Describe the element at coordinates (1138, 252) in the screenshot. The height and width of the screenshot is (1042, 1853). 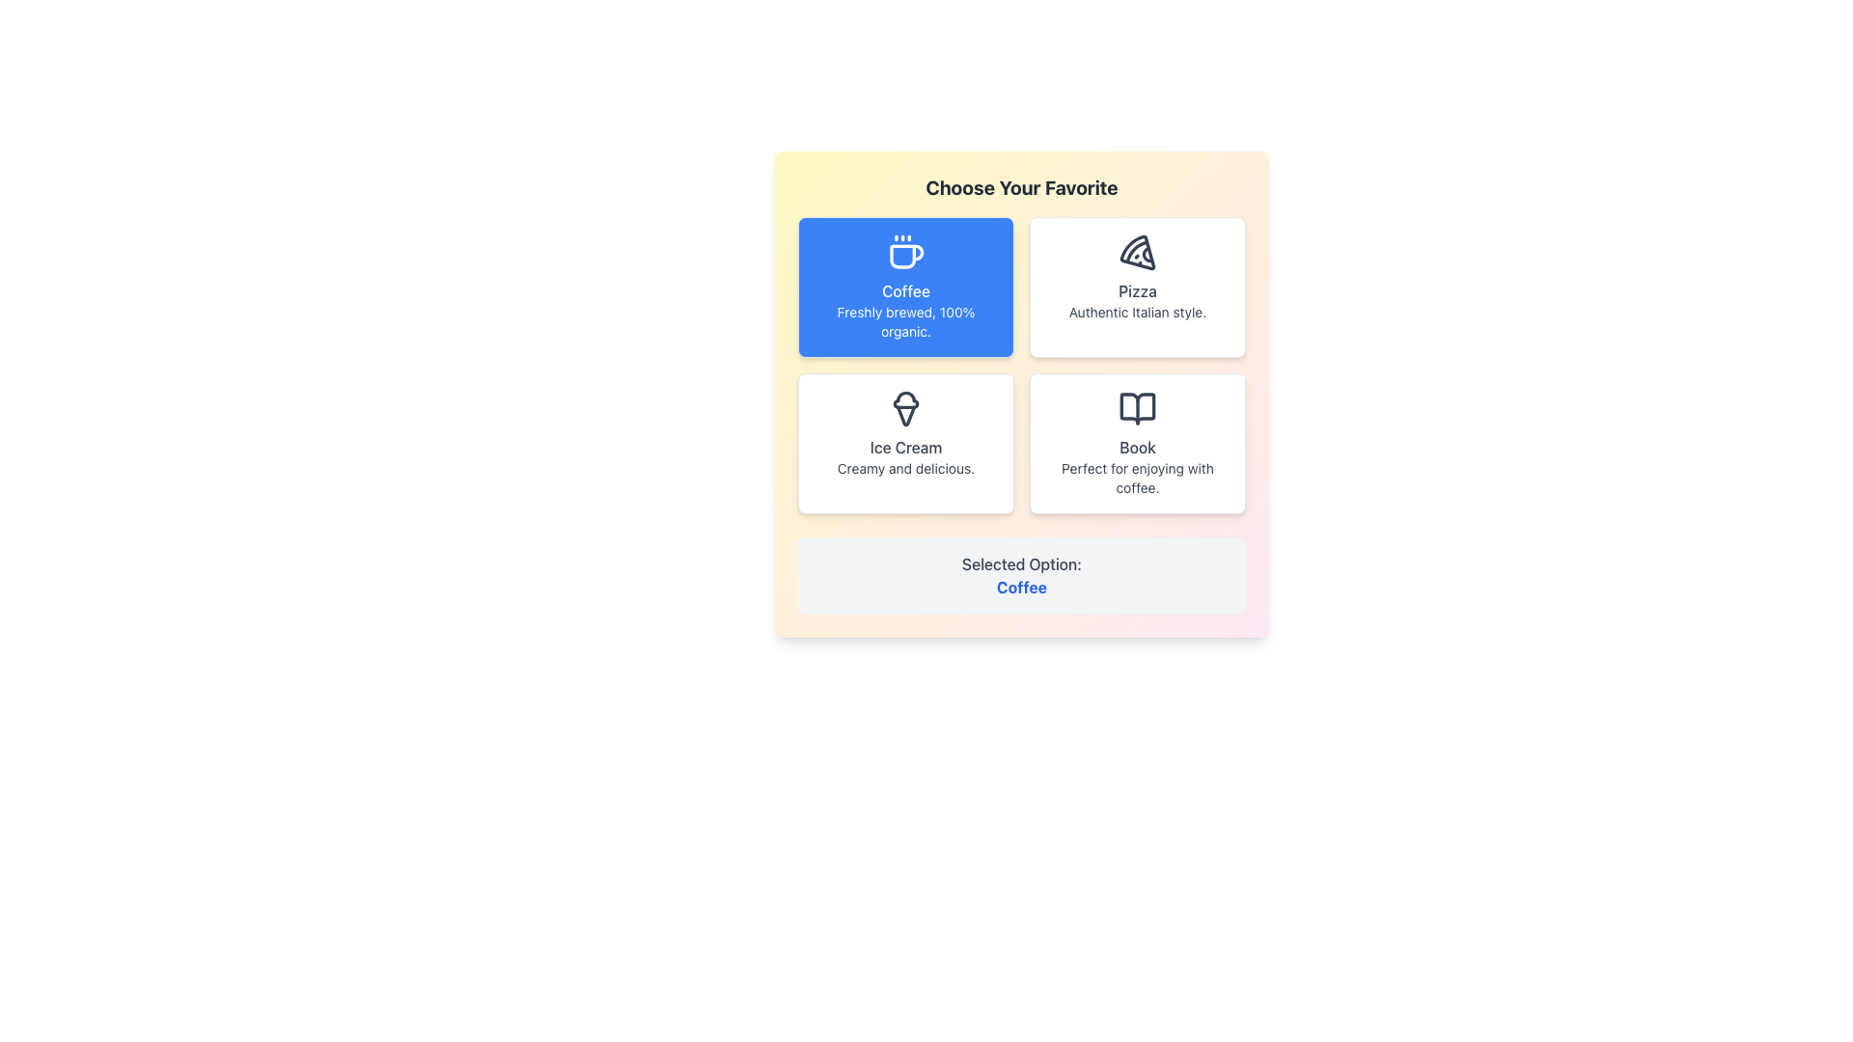
I see `the 'Pizza' icon located in the top-right quadrant of the main selection grid` at that location.